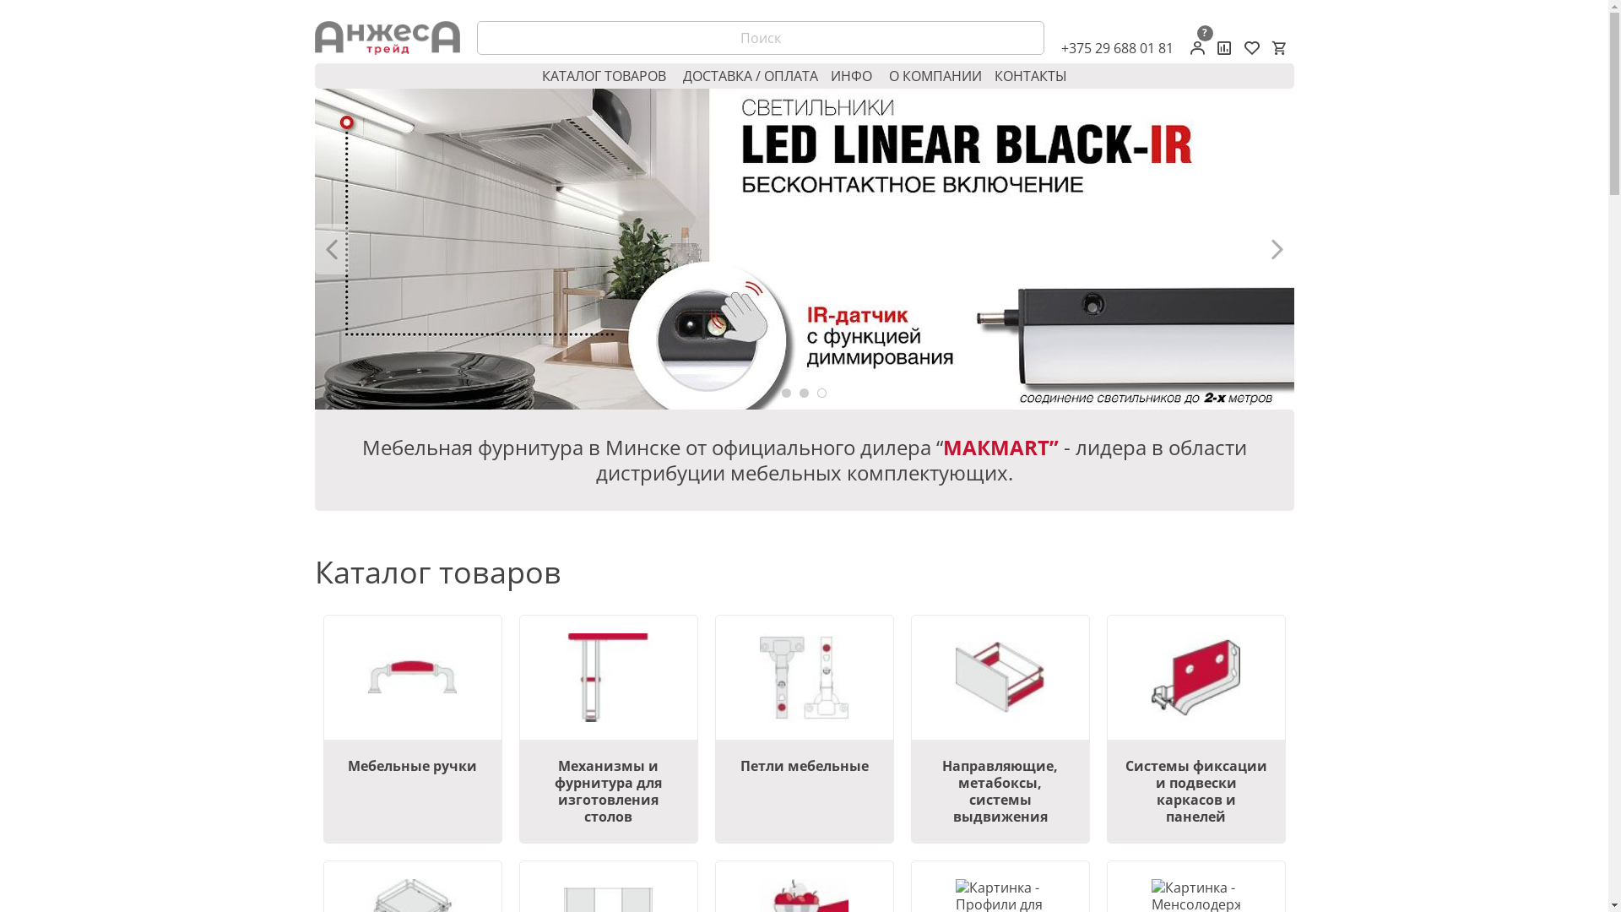 This screenshot has height=912, width=1621. What do you see at coordinates (1116, 47) in the screenshot?
I see `'+375 29 688 01 81'` at bounding box center [1116, 47].